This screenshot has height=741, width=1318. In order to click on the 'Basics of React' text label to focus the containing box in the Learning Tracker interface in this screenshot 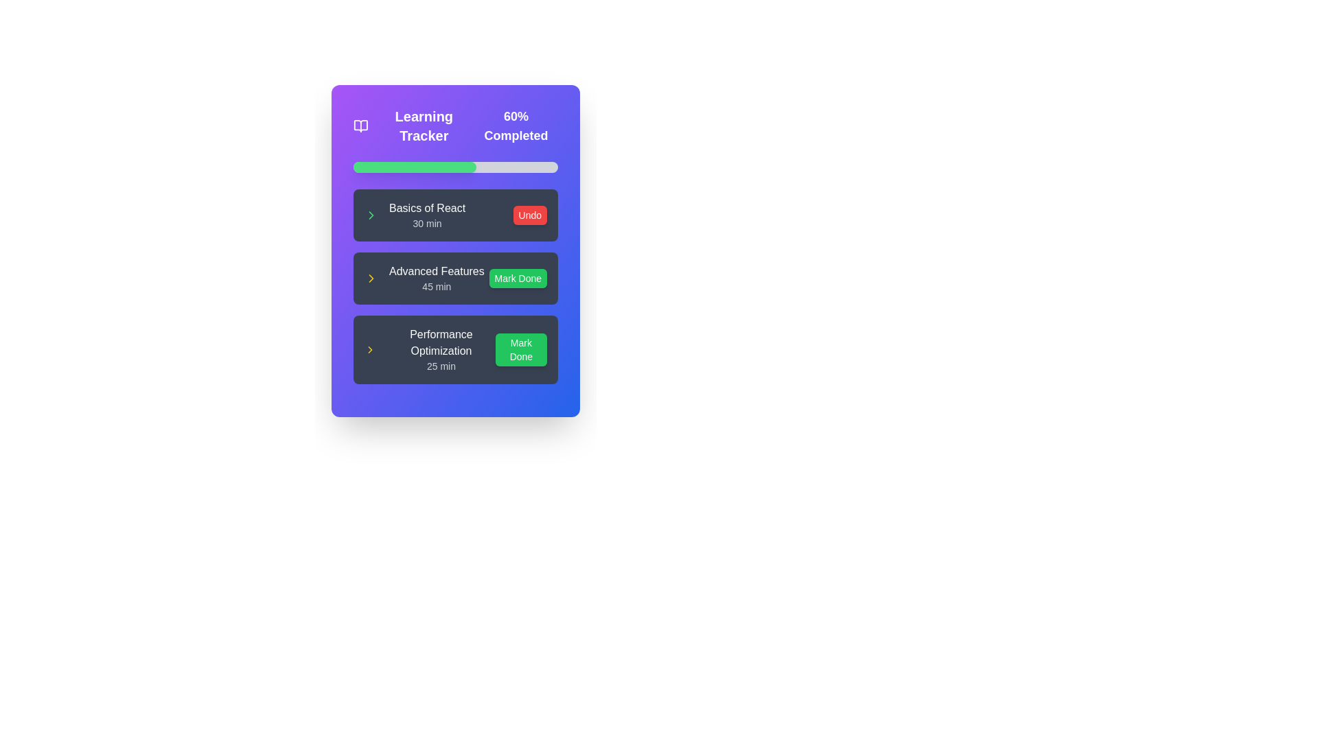, I will do `click(426, 215)`.